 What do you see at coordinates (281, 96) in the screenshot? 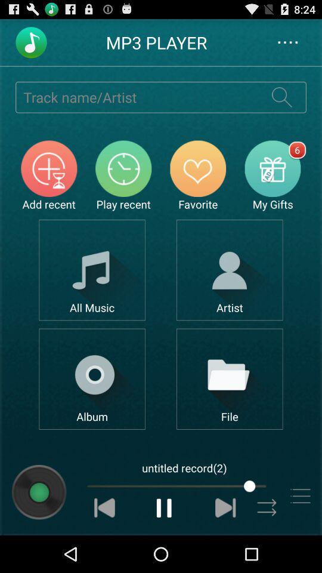
I see `search for name/artist` at bounding box center [281, 96].